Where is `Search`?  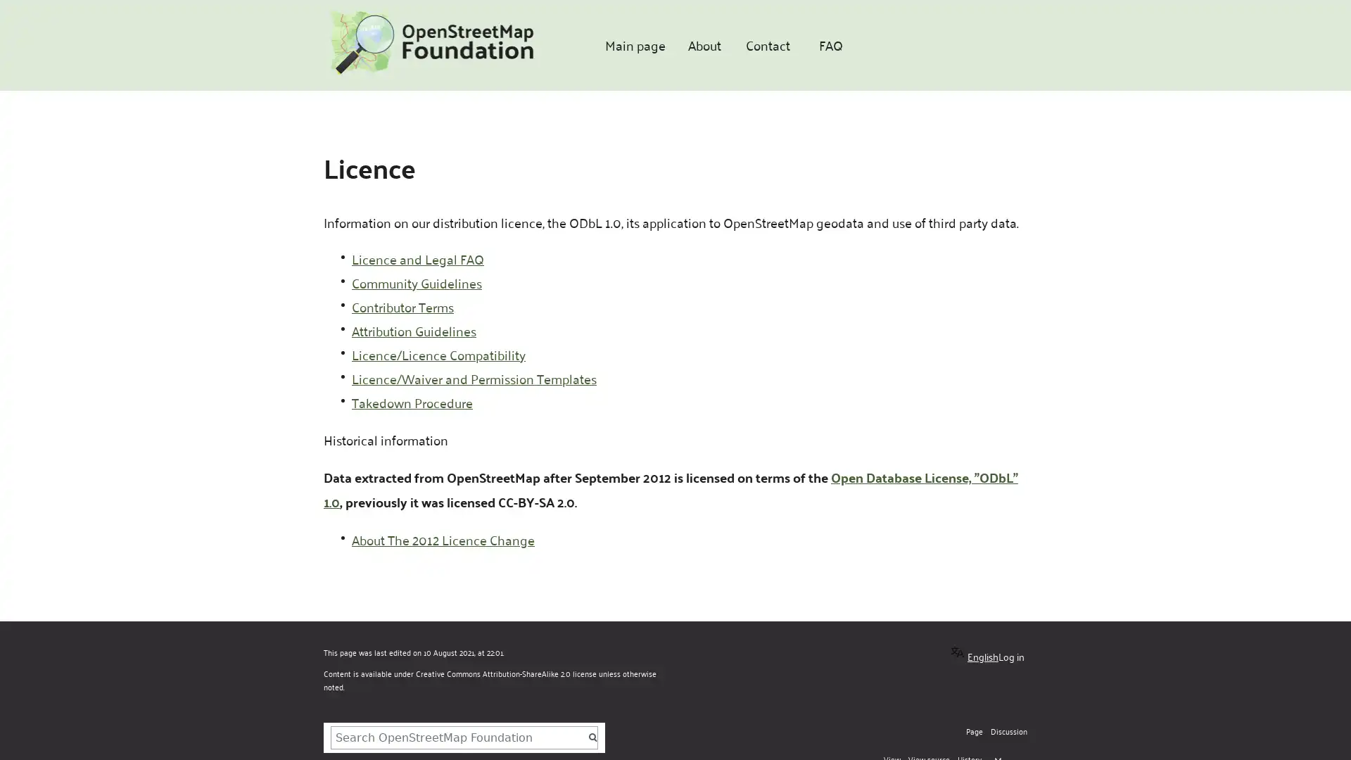 Search is located at coordinates (594, 737).